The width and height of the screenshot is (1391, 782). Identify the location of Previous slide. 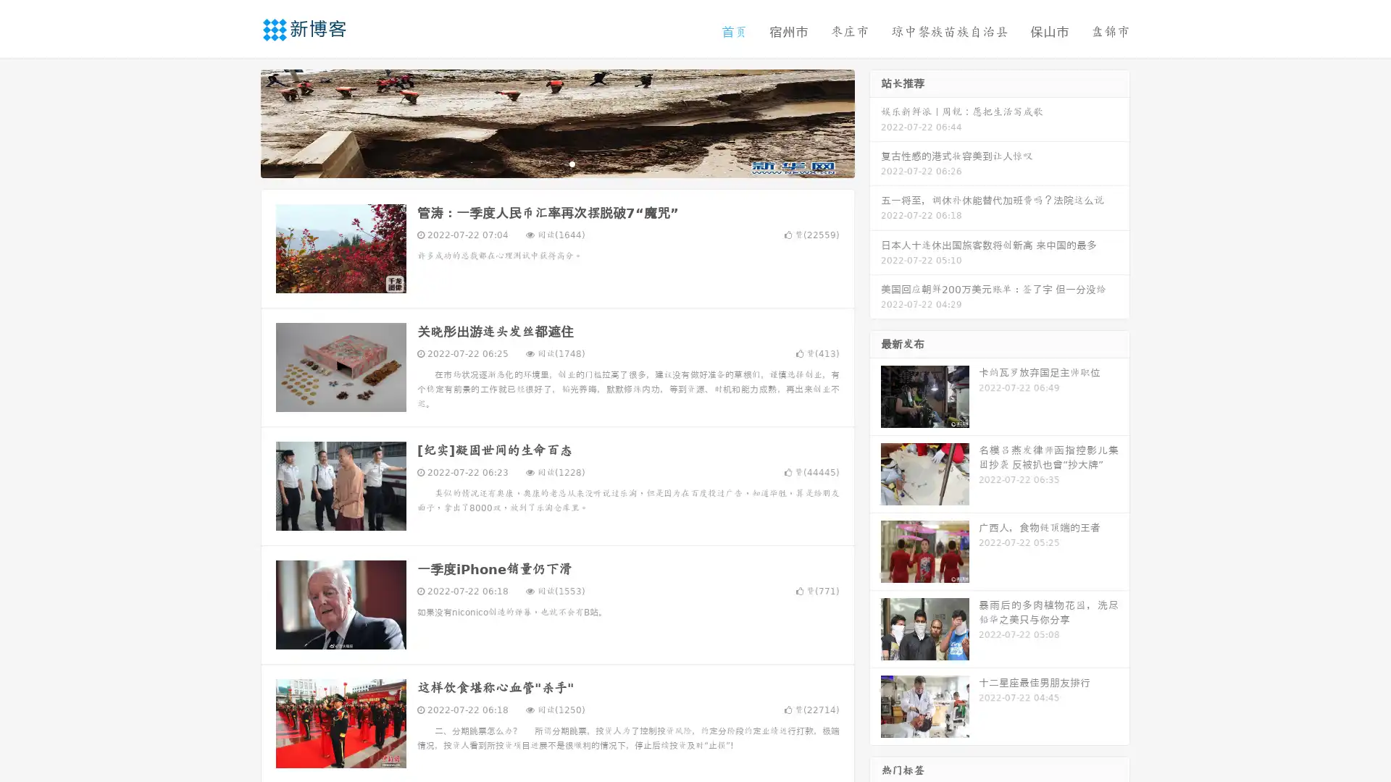
(239, 122).